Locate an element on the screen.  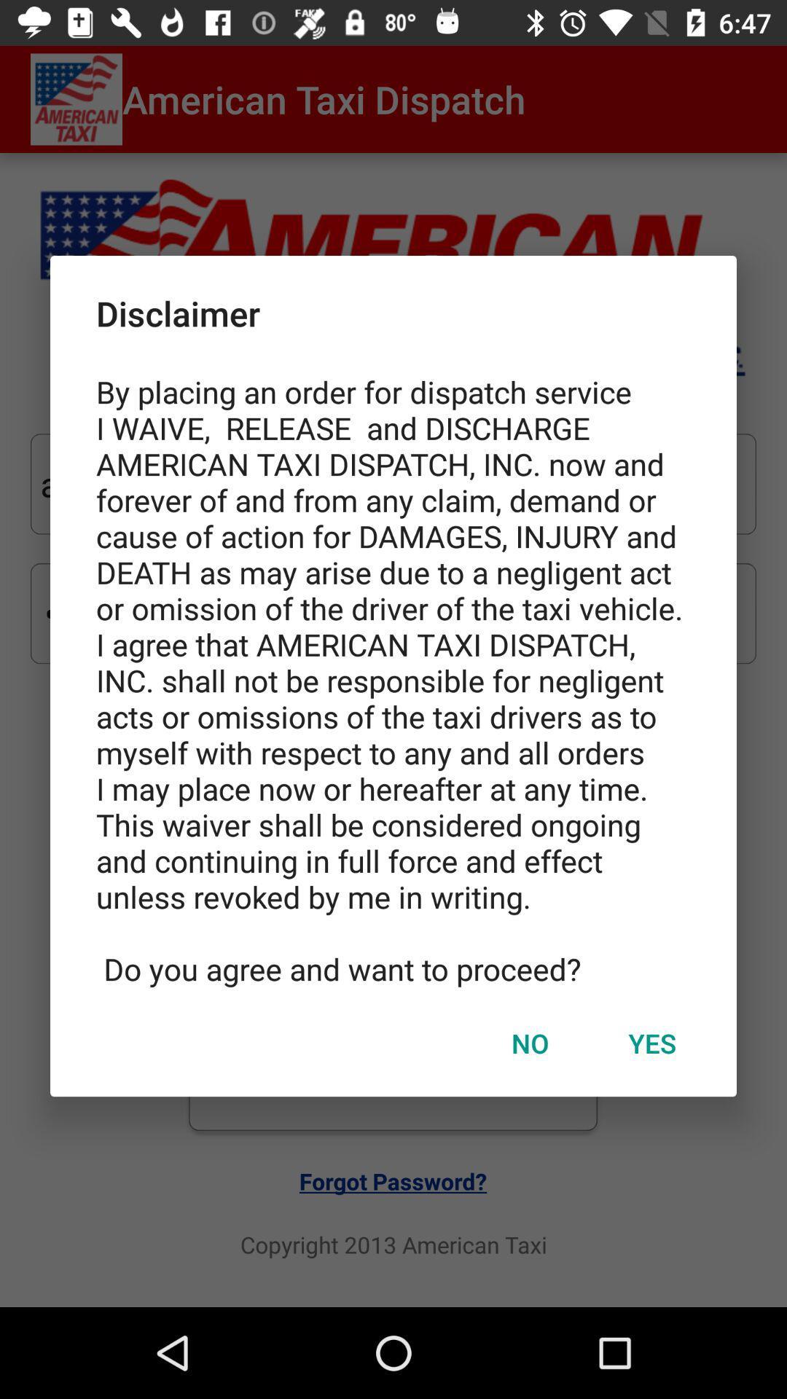
icon below by placing an is located at coordinates (651, 1042).